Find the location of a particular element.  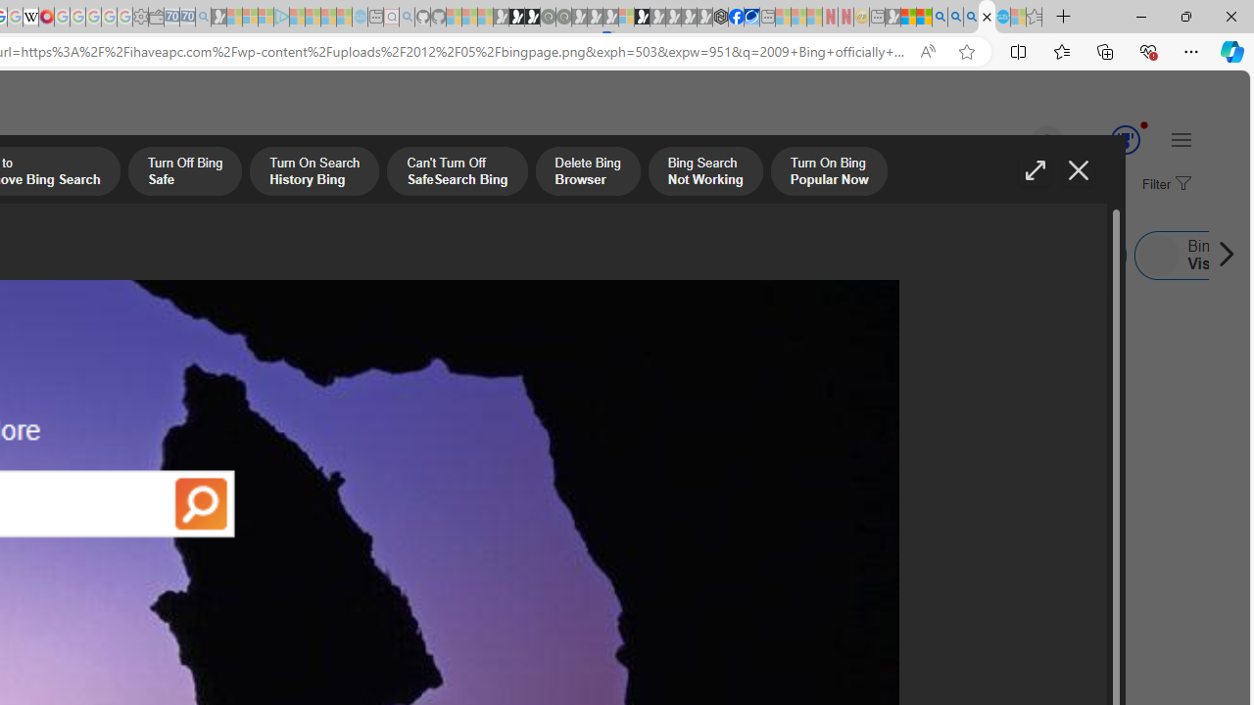

'New tab - Sleeping' is located at coordinates (876, 17).